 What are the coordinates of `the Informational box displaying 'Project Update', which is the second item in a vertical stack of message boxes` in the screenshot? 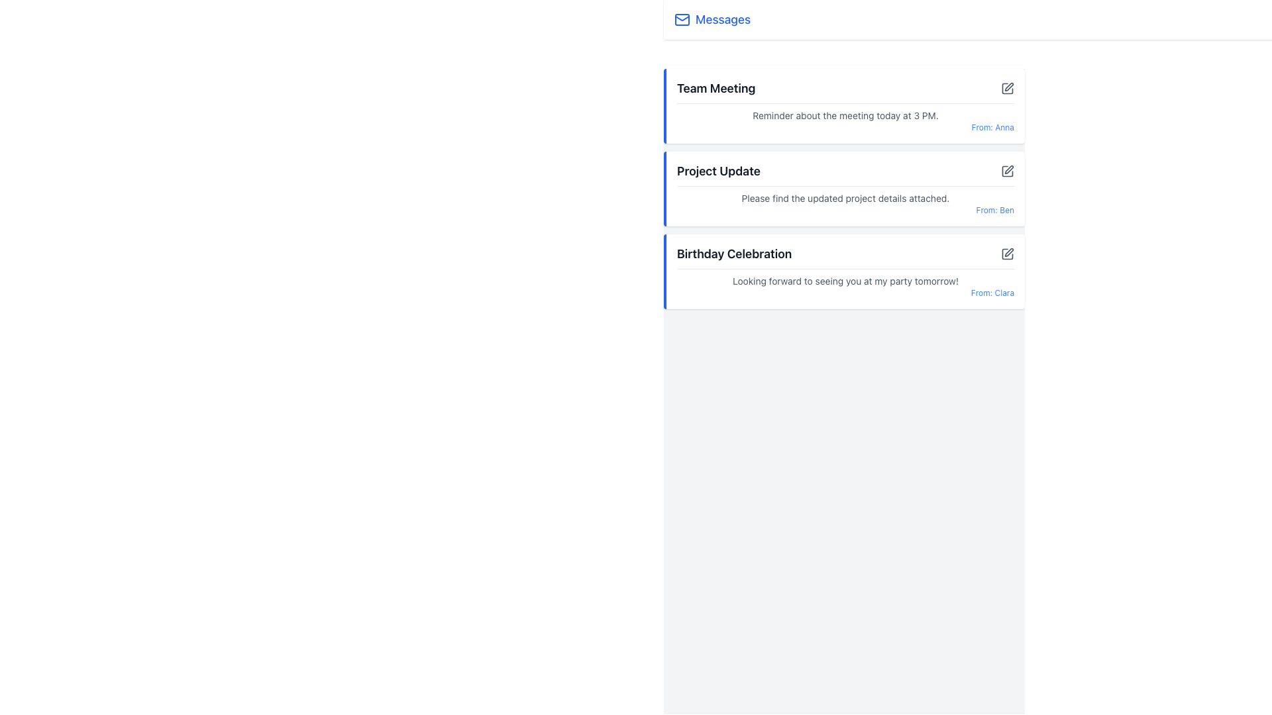 It's located at (843, 189).